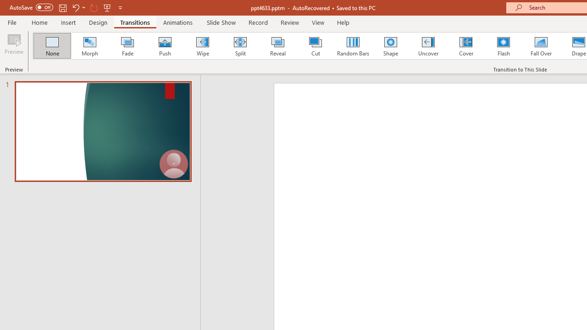  What do you see at coordinates (503, 46) in the screenshot?
I see `'Flash'` at bounding box center [503, 46].